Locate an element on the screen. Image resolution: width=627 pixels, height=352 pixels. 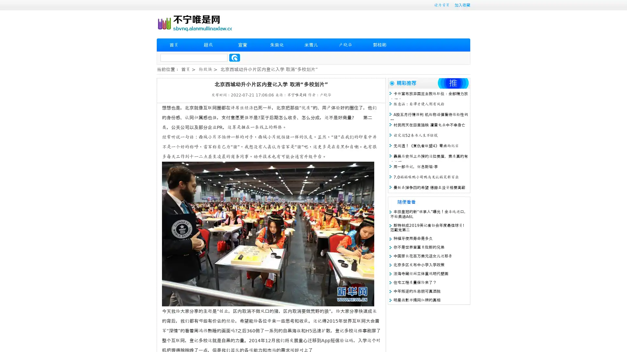
Search is located at coordinates (234, 57).